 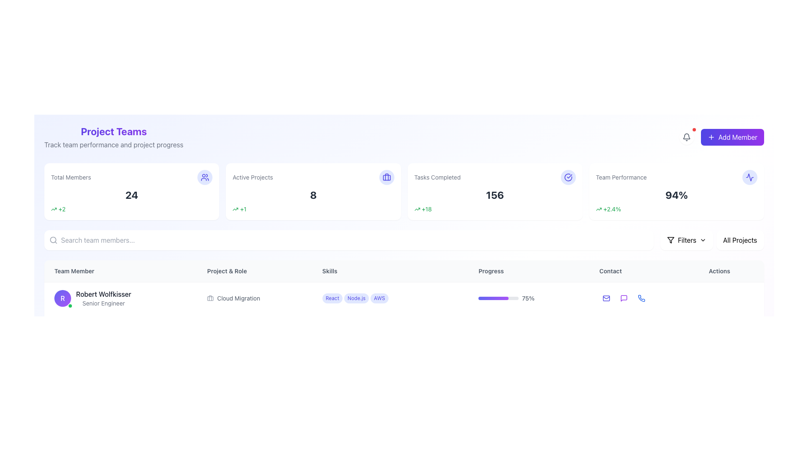 I want to click on value displayed in the static text element that represents the count of completed tasks, located in the 'Tasks Completed' section of the dashboard interface, so click(x=495, y=195).